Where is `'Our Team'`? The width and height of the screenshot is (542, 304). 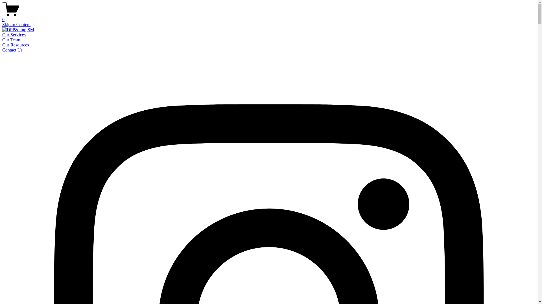
'Our Team' is located at coordinates (11, 39).